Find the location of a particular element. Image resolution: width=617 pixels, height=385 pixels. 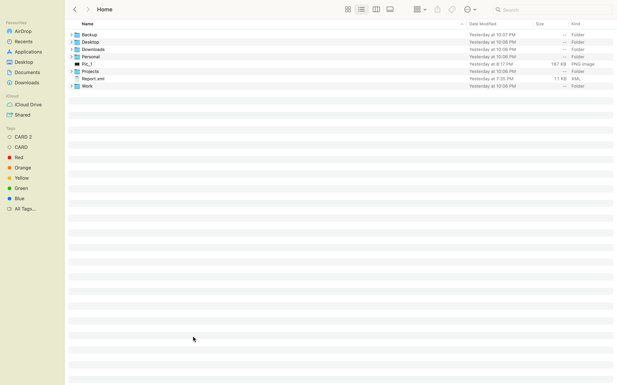

the Work directory and go back to the last visited directory is located at coordinates (345, 86).